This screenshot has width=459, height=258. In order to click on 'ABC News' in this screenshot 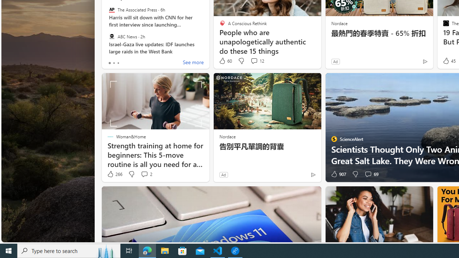, I will do `click(111, 36)`.